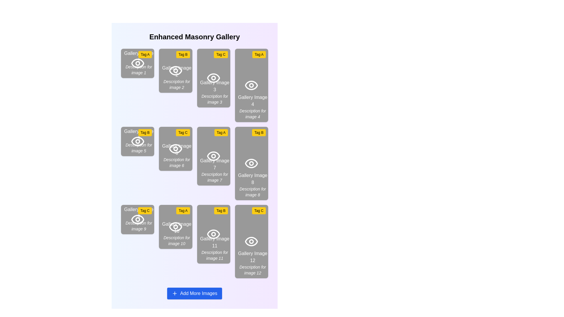 The height and width of the screenshot is (317, 564). I want to click on the small circular SVG element representing the eye icon located in the twelfth tile of the grid, so click(251, 241).